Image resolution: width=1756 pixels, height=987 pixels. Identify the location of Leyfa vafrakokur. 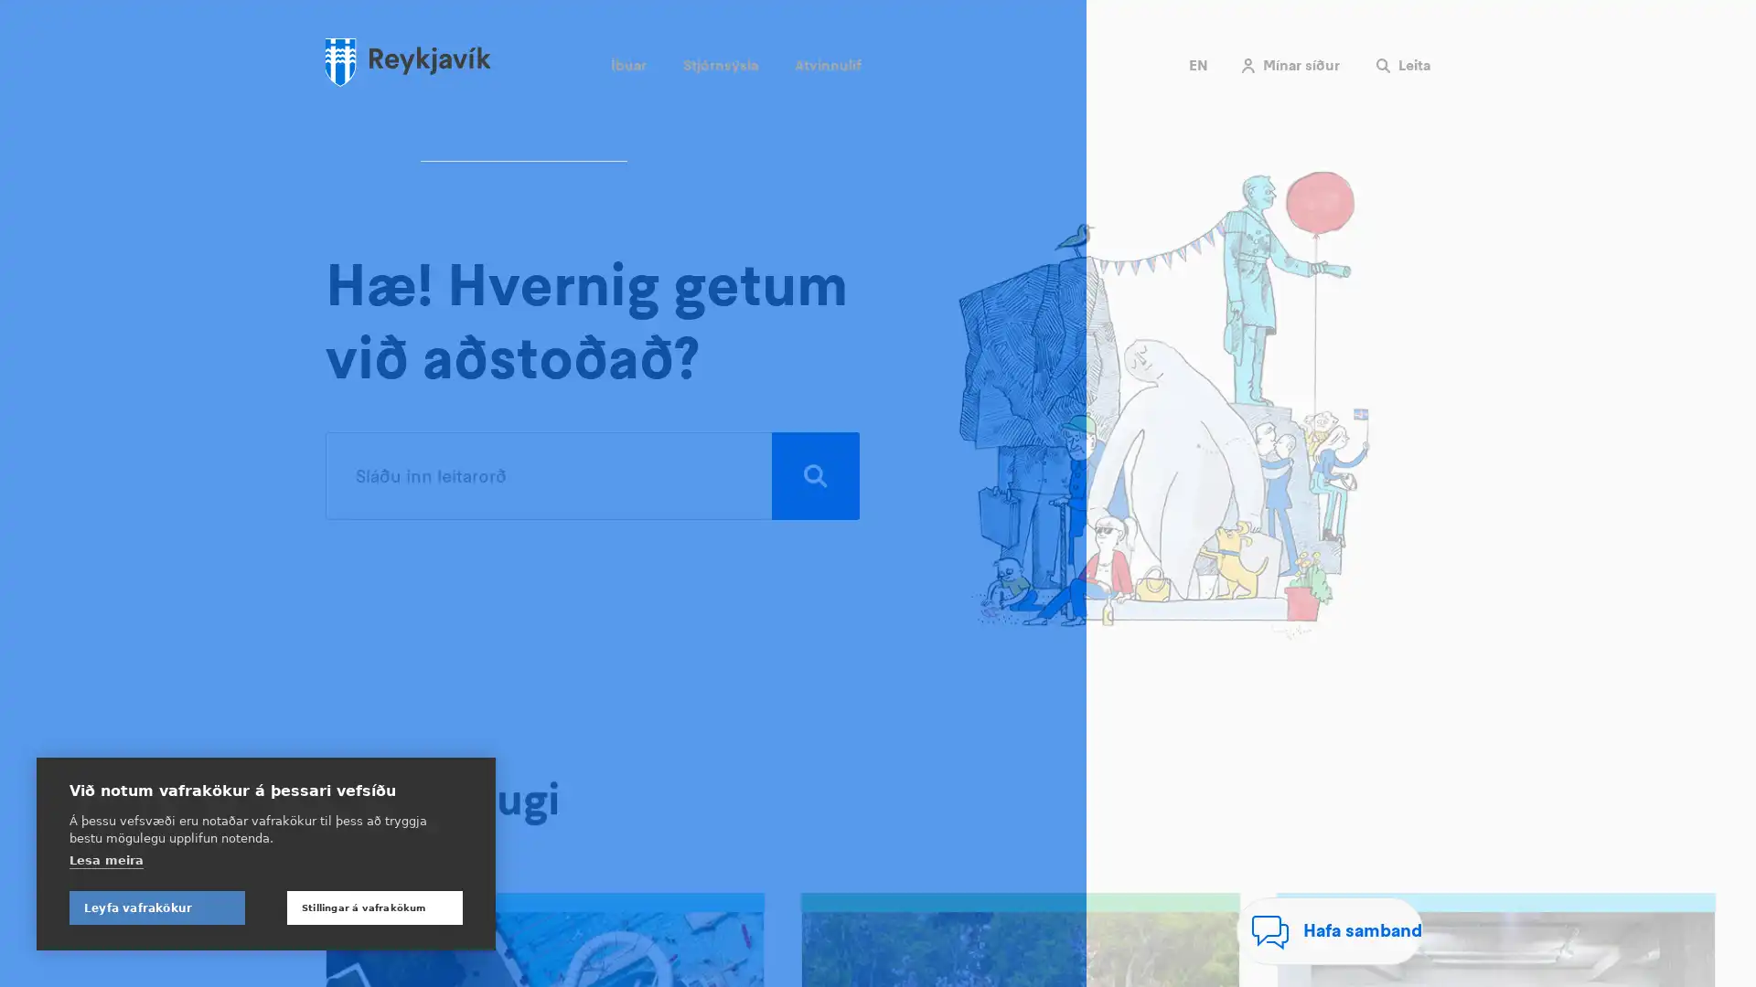
(157, 907).